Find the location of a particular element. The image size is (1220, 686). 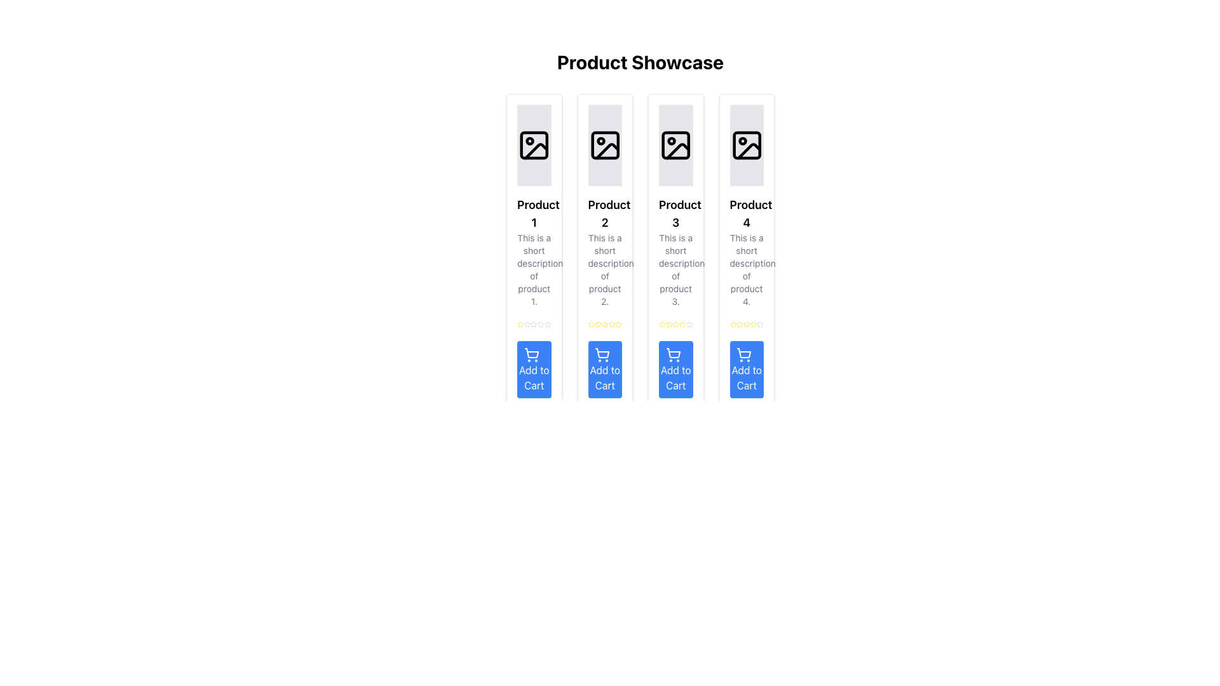

the fifth yellow star icon in the rating system for 'Product 4' is located at coordinates (753, 323).